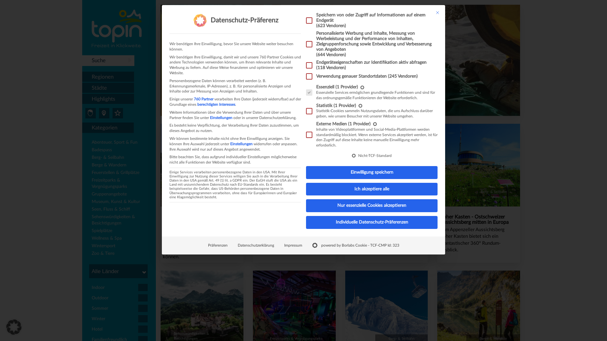 The height and width of the screenshot is (341, 607). I want to click on 'powered by Borlabs Cookie - TCF-CMP Id: 323', so click(356, 245).